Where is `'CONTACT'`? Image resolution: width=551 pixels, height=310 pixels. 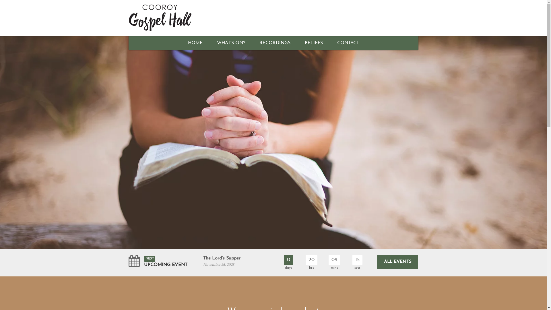 'CONTACT' is located at coordinates (348, 43).